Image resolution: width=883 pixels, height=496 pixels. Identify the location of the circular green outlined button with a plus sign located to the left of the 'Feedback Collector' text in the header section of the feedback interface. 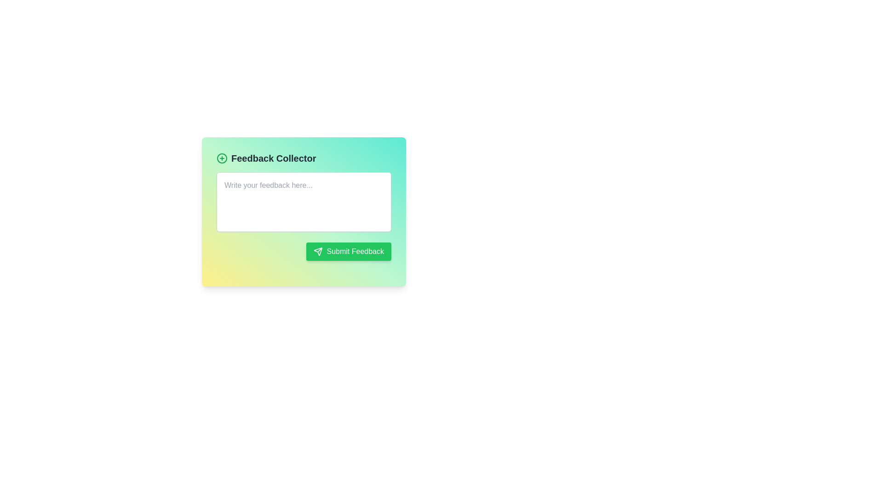
(222, 158).